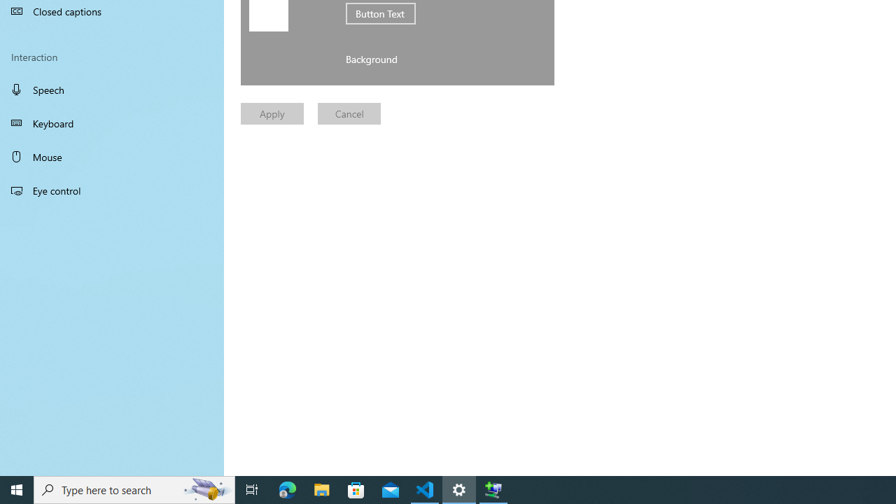  I want to click on 'Speech', so click(112, 89).